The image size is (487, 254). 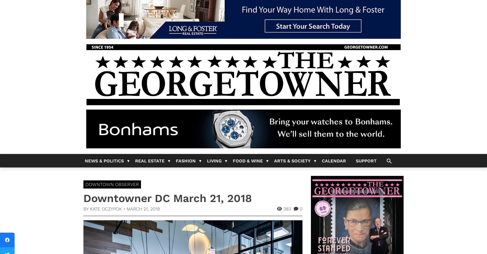 I want to click on 'Downtown Observer', so click(x=112, y=184).